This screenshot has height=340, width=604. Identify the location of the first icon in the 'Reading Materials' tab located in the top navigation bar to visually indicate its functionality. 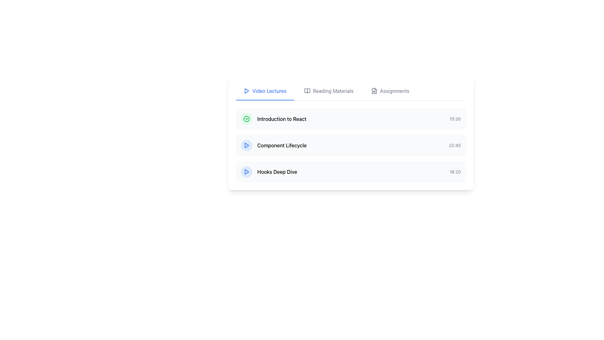
(307, 91).